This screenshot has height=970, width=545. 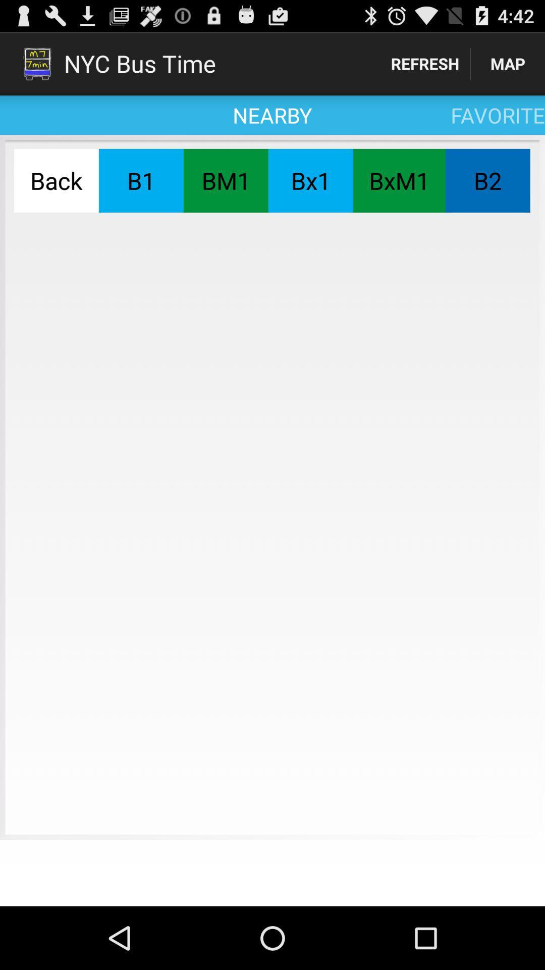 I want to click on bx1 icon, so click(x=310, y=180).